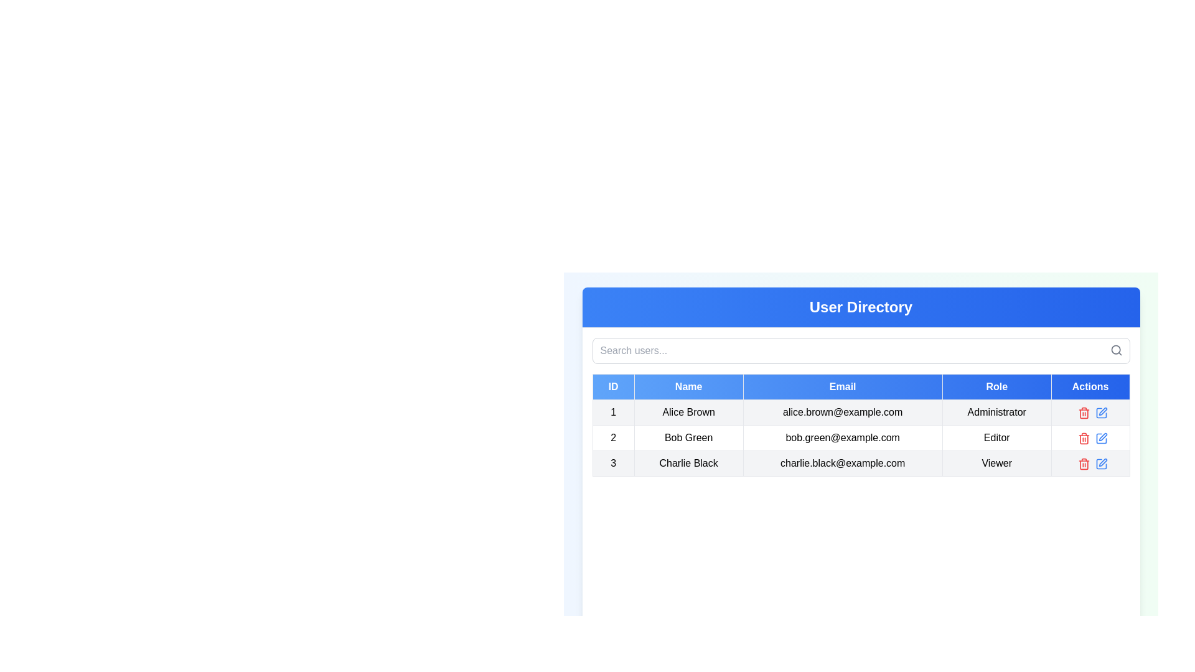  What do you see at coordinates (1084, 414) in the screenshot?
I see `the graphical representation of the delete action represented by the trash can icon in the 'Actions' column of the last row in the user table` at bounding box center [1084, 414].